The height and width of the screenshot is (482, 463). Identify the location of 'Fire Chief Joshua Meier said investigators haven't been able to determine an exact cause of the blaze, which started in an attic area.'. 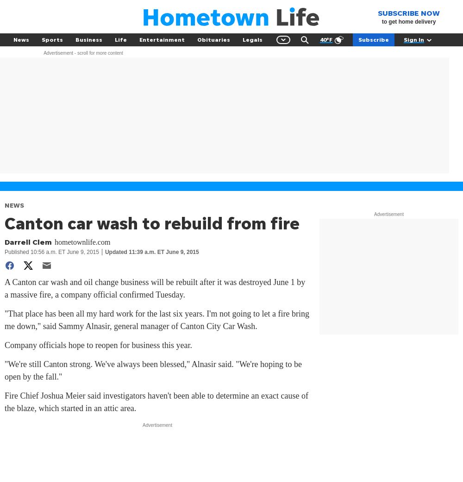
(156, 401).